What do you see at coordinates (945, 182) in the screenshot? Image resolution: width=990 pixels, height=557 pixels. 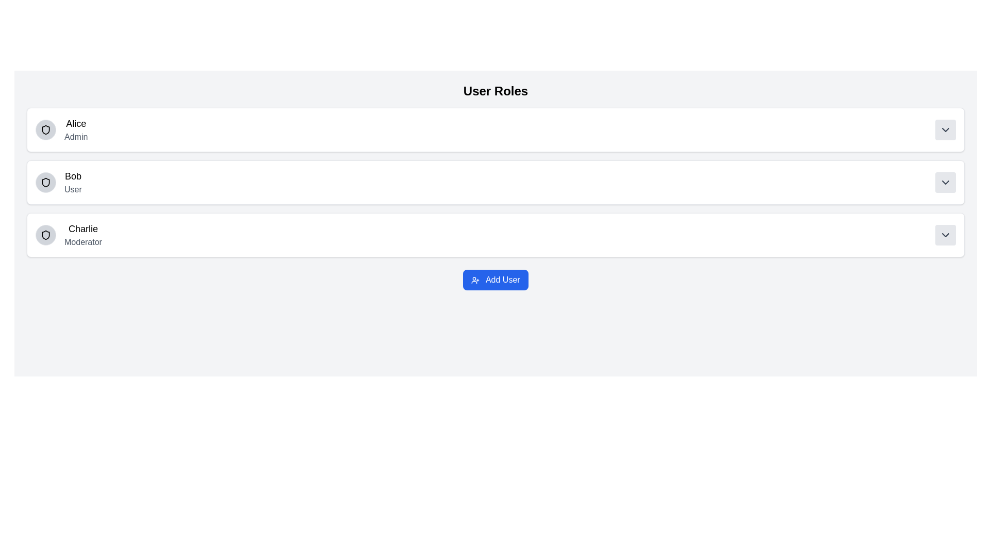 I see `the chevron icon located at the right end of the second user row corresponding to the user named 'Bob' with the role of 'User'` at bounding box center [945, 182].